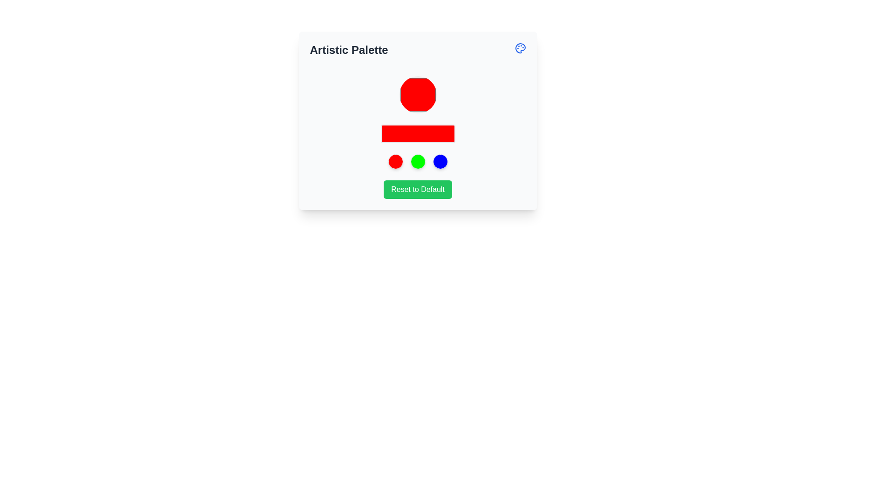  Describe the element at coordinates (417, 161) in the screenshot. I see `the middle circular toggle button with a green background` at that location.